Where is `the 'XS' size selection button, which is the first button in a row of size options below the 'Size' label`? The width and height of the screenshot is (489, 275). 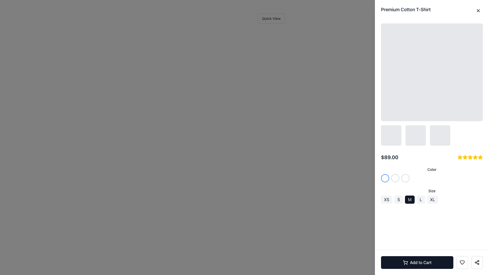 the 'XS' size selection button, which is the first button in a row of size options below the 'Size' label is located at coordinates (387, 199).